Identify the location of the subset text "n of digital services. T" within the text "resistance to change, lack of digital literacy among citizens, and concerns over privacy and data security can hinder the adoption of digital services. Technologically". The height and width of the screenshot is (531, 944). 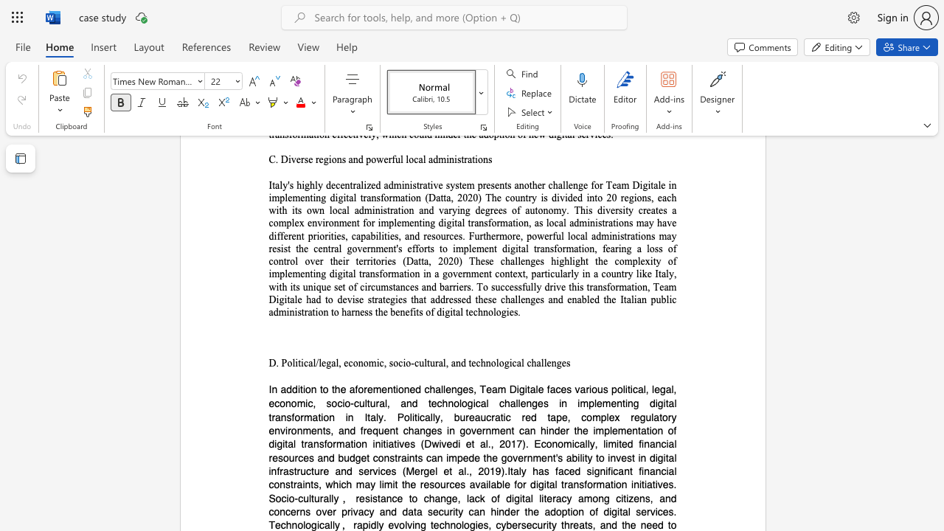
(577, 510).